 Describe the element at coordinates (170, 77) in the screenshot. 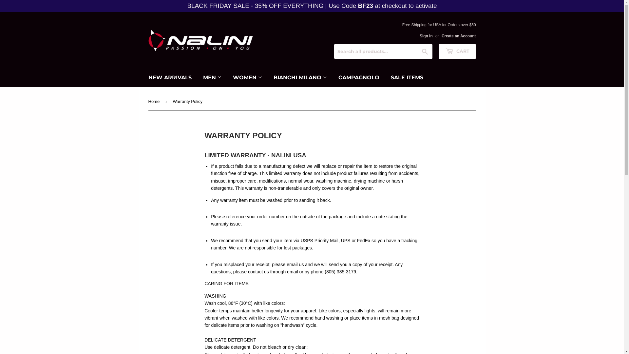

I see `'NEW ARRIVALS'` at that location.